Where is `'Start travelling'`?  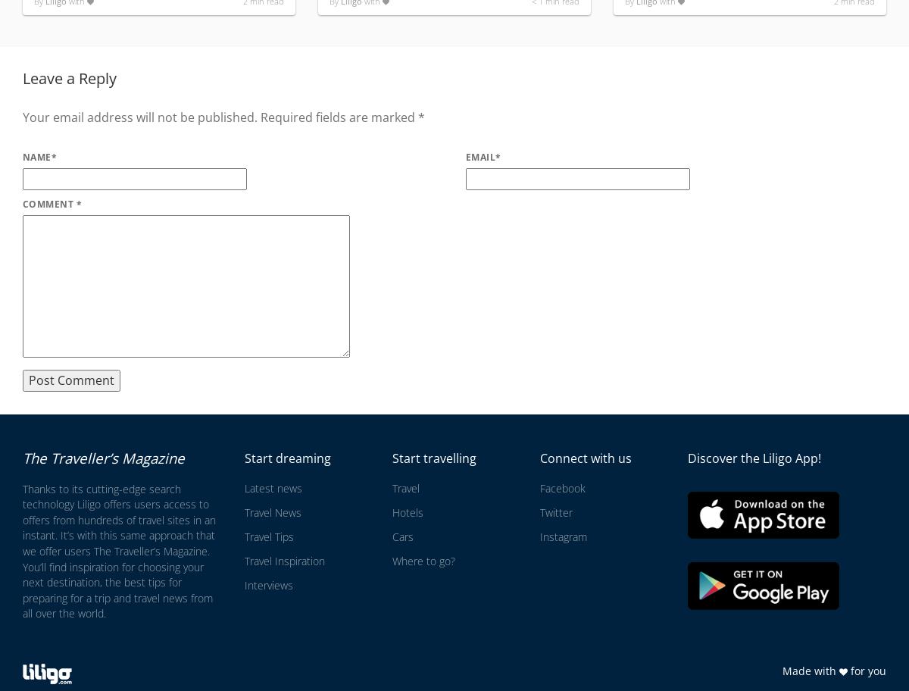
'Start travelling' is located at coordinates (433, 458).